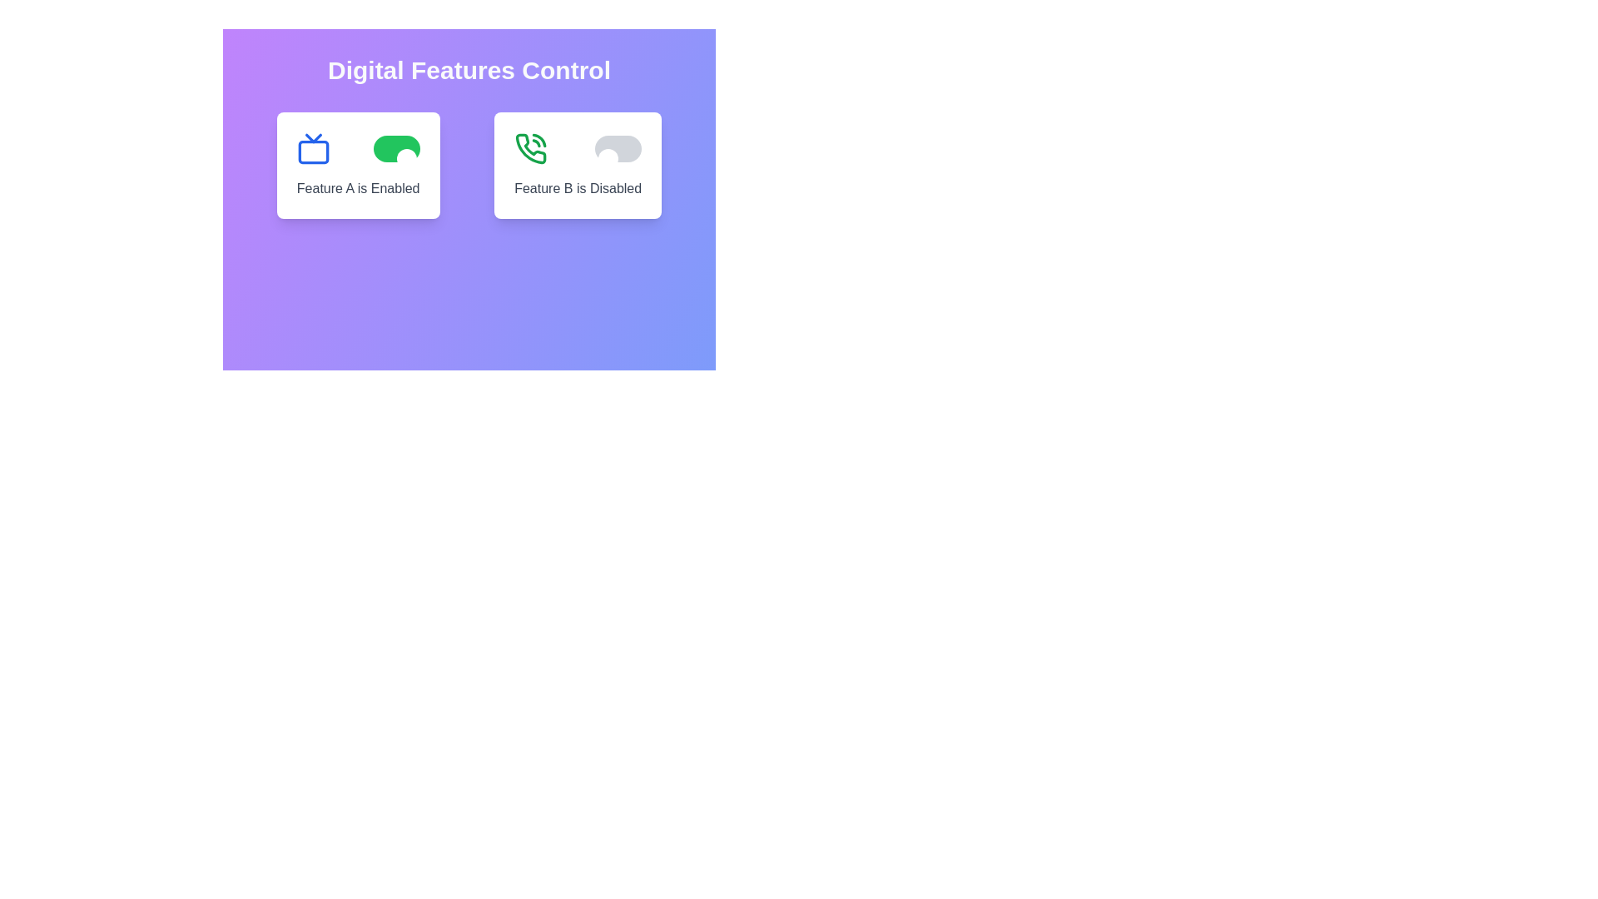 This screenshot has width=1598, height=899. I want to click on the text label indicating the status of 'Feature A', so click(357, 188).